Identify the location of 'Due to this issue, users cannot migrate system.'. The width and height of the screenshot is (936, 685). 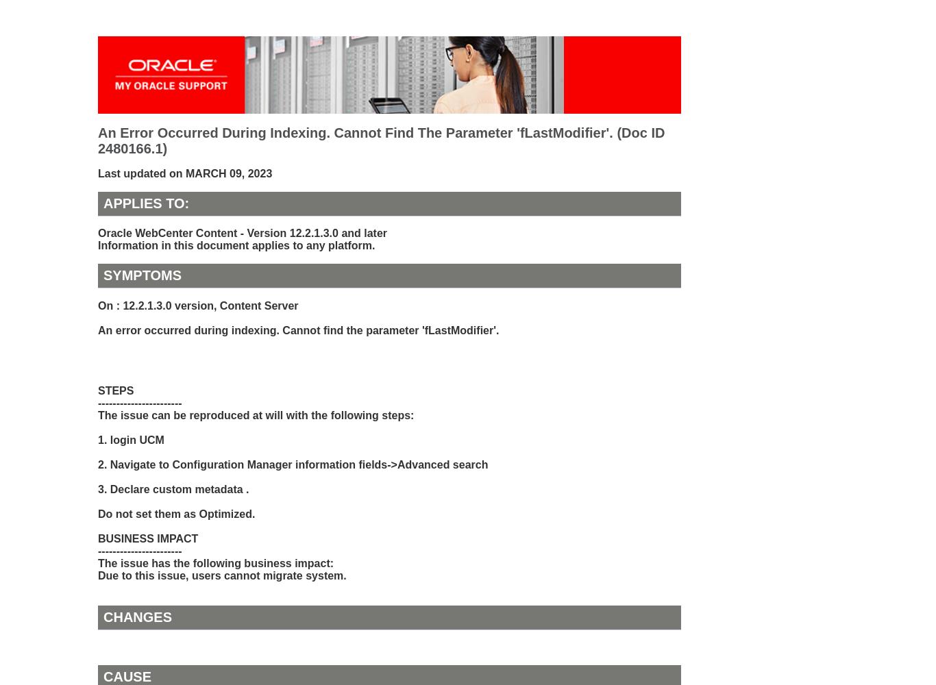
(222, 574).